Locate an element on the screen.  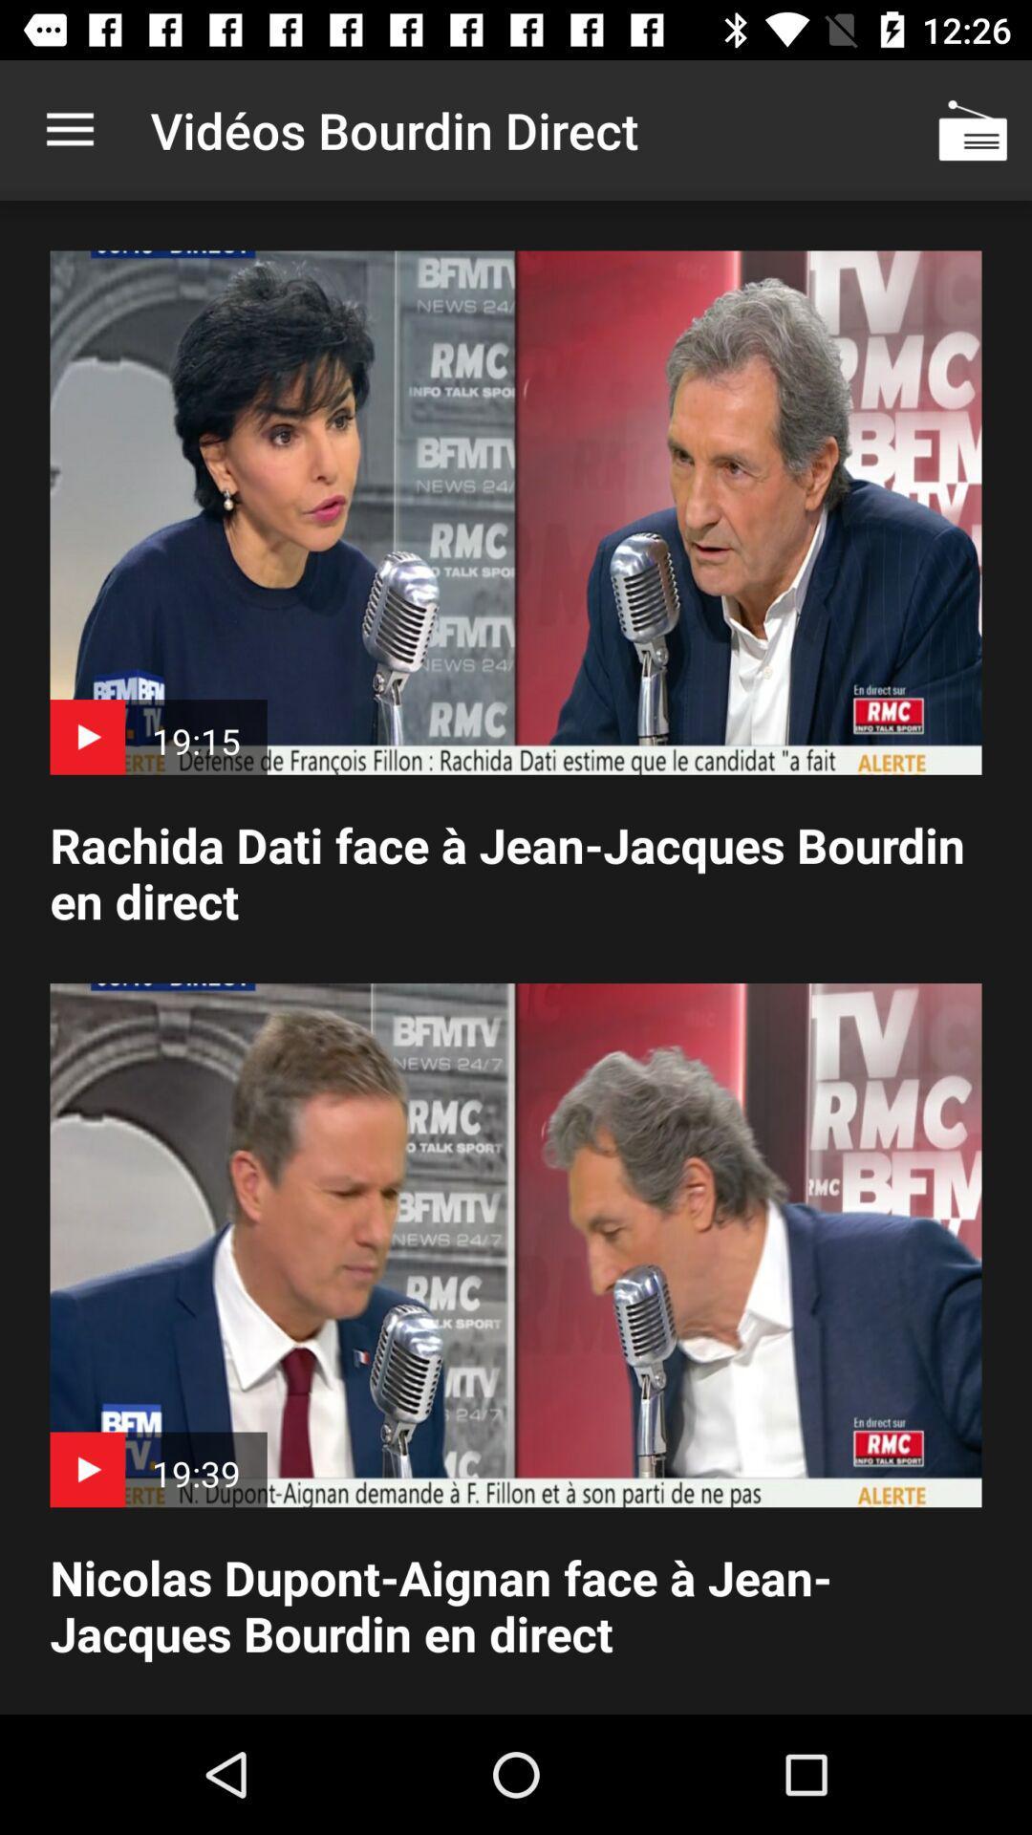
the item at the top left corner is located at coordinates (69, 129).